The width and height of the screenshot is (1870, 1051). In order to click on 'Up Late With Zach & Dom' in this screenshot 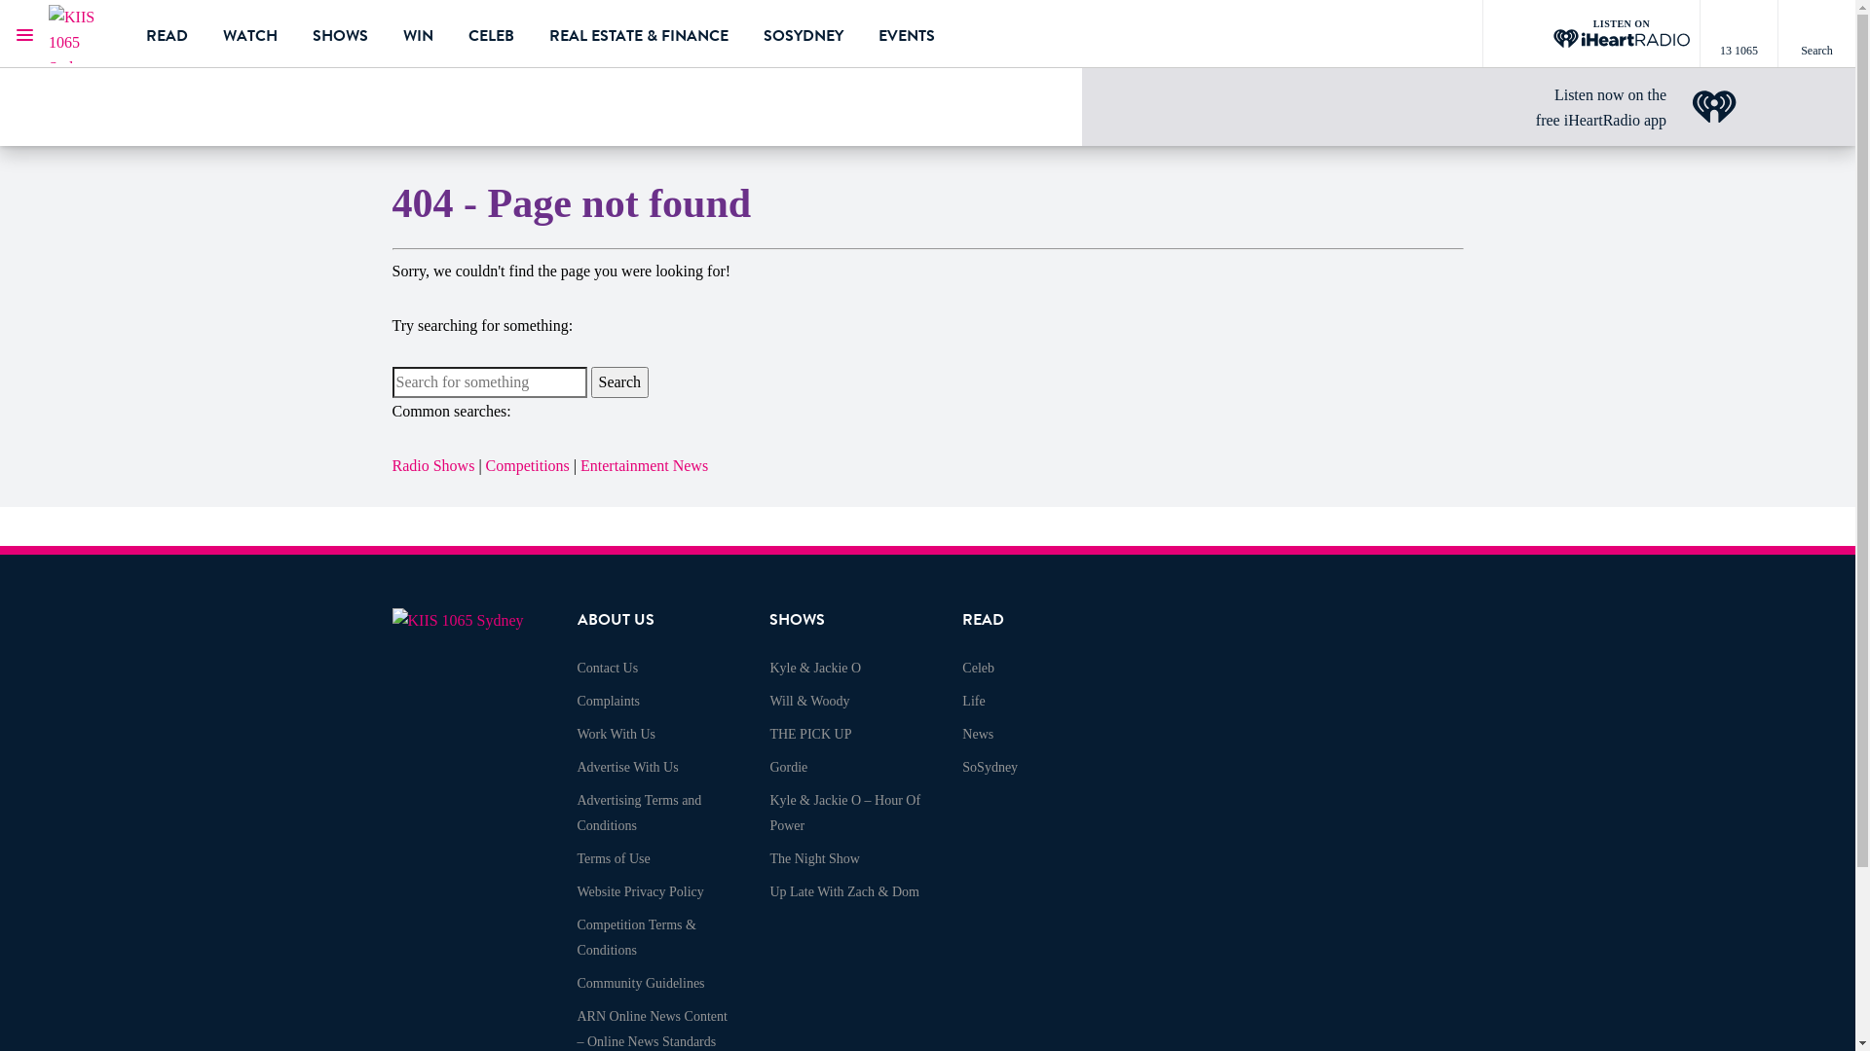, I will do `click(844, 891)`.